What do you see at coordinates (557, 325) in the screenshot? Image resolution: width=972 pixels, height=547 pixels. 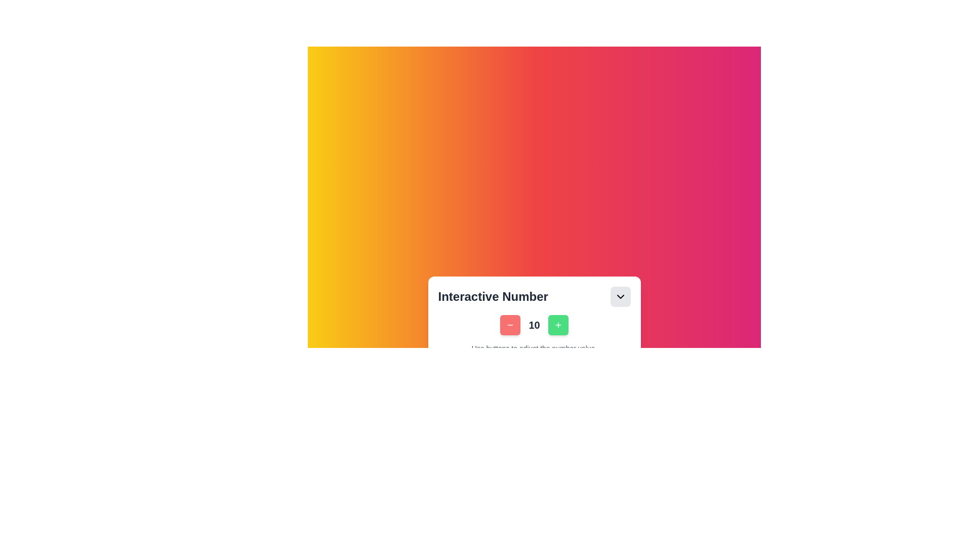 I see `the green square button with a plus '+' icon, located in the 'Interactive Number' control interface` at bounding box center [557, 325].